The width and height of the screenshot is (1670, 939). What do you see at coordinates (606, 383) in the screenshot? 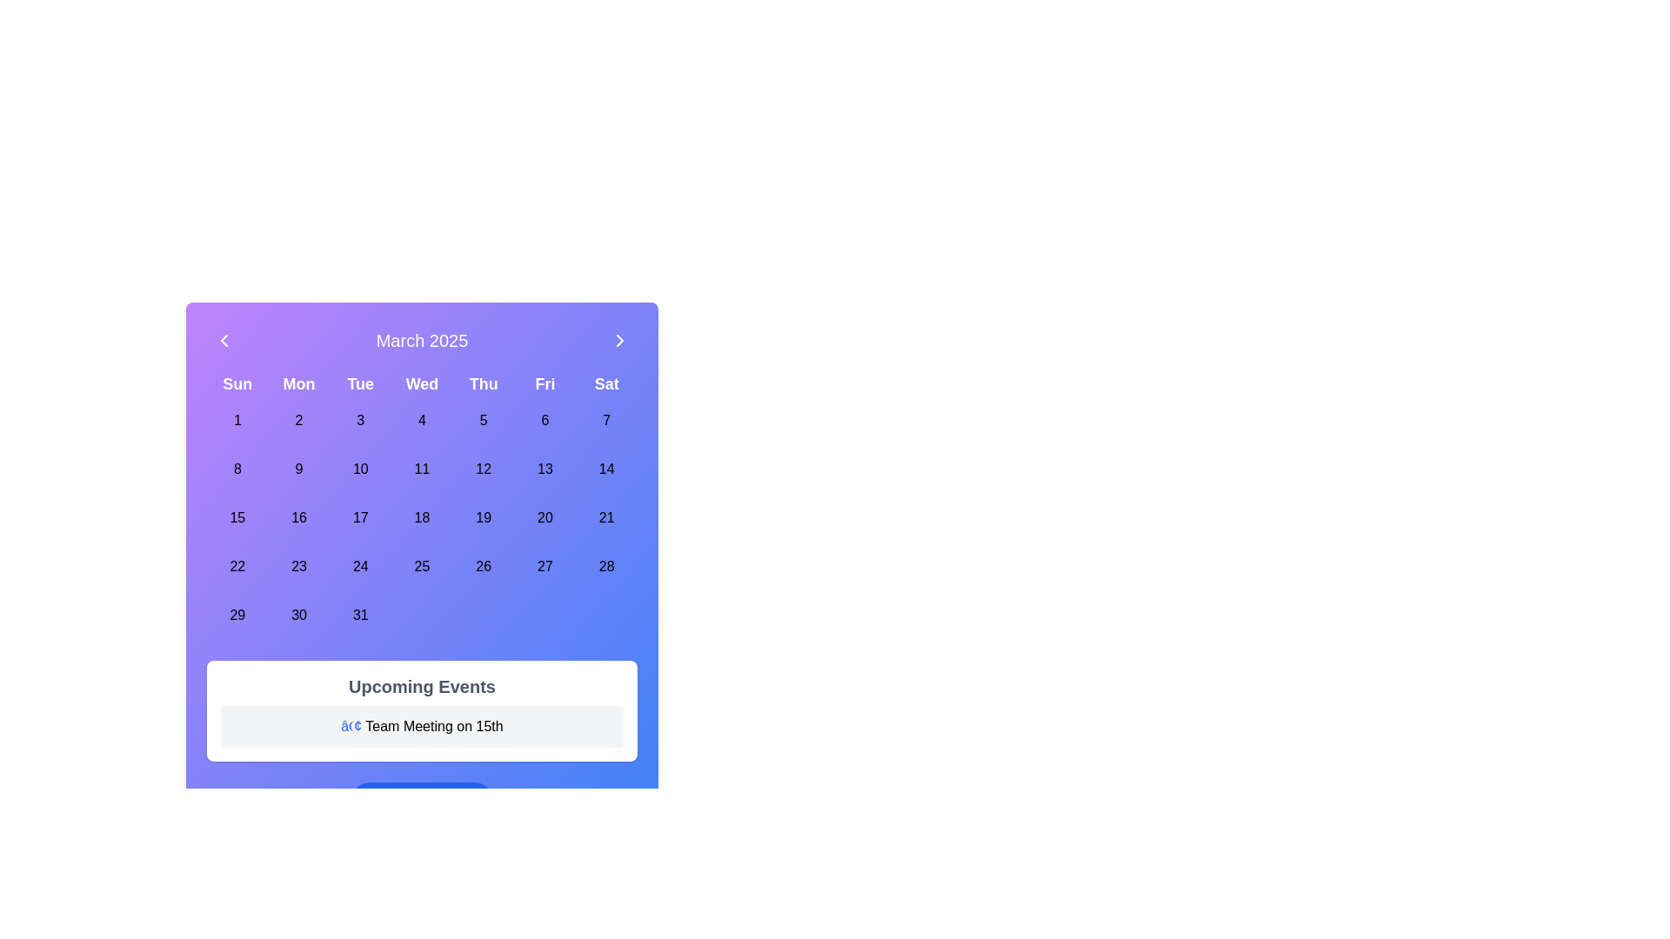
I see `the text label displaying 'Sat' in bold white font on a vibrant blue background, located in the top row of the calendar component as the last column` at bounding box center [606, 383].